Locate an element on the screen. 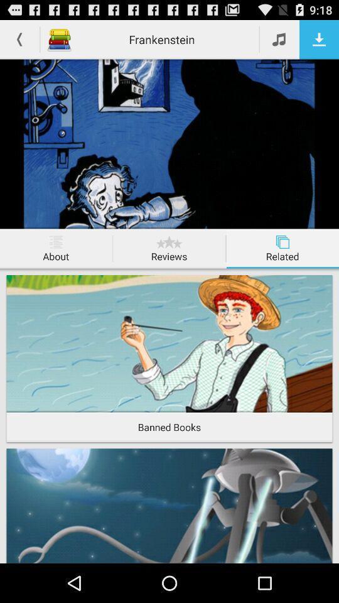 The width and height of the screenshot is (339, 603). music is located at coordinates (279, 39).